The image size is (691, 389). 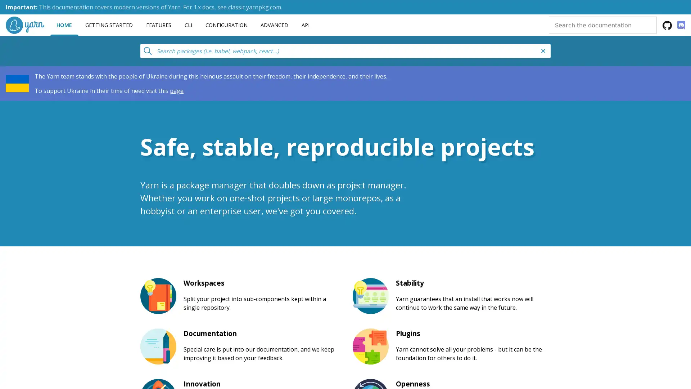 What do you see at coordinates (146, 49) in the screenshot?
I see `Submit your search query.` at bounding box center [146, 49].